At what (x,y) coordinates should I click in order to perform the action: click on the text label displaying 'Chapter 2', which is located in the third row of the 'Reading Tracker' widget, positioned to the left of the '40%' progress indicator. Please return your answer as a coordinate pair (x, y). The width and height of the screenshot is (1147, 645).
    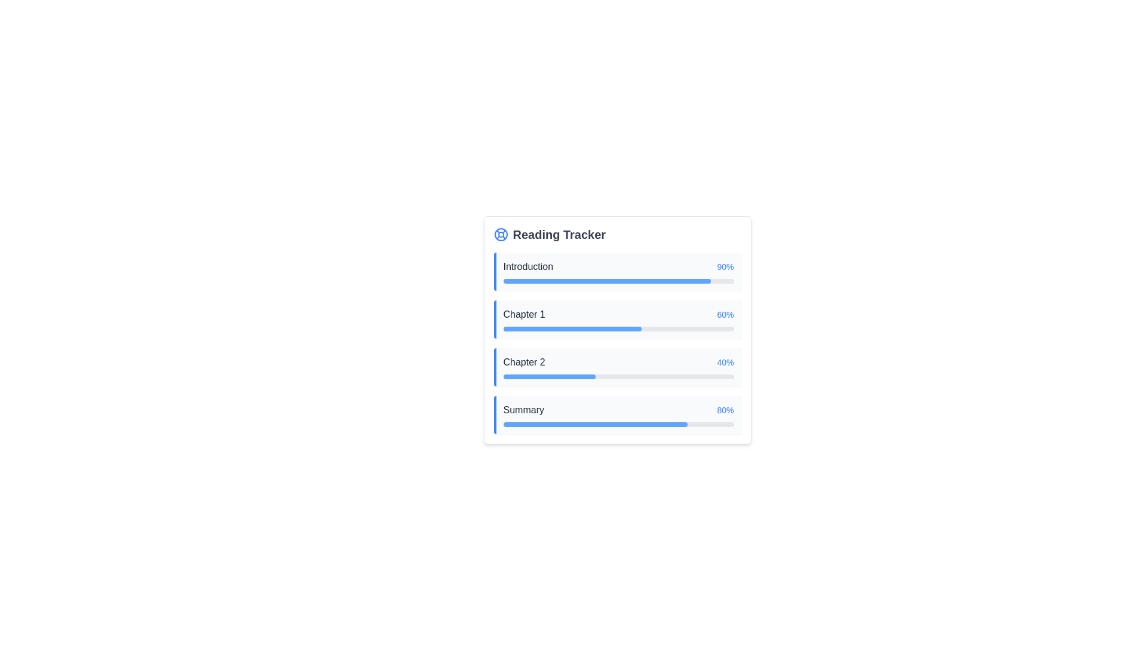
    Looking at the image, I should click on (524, 361).